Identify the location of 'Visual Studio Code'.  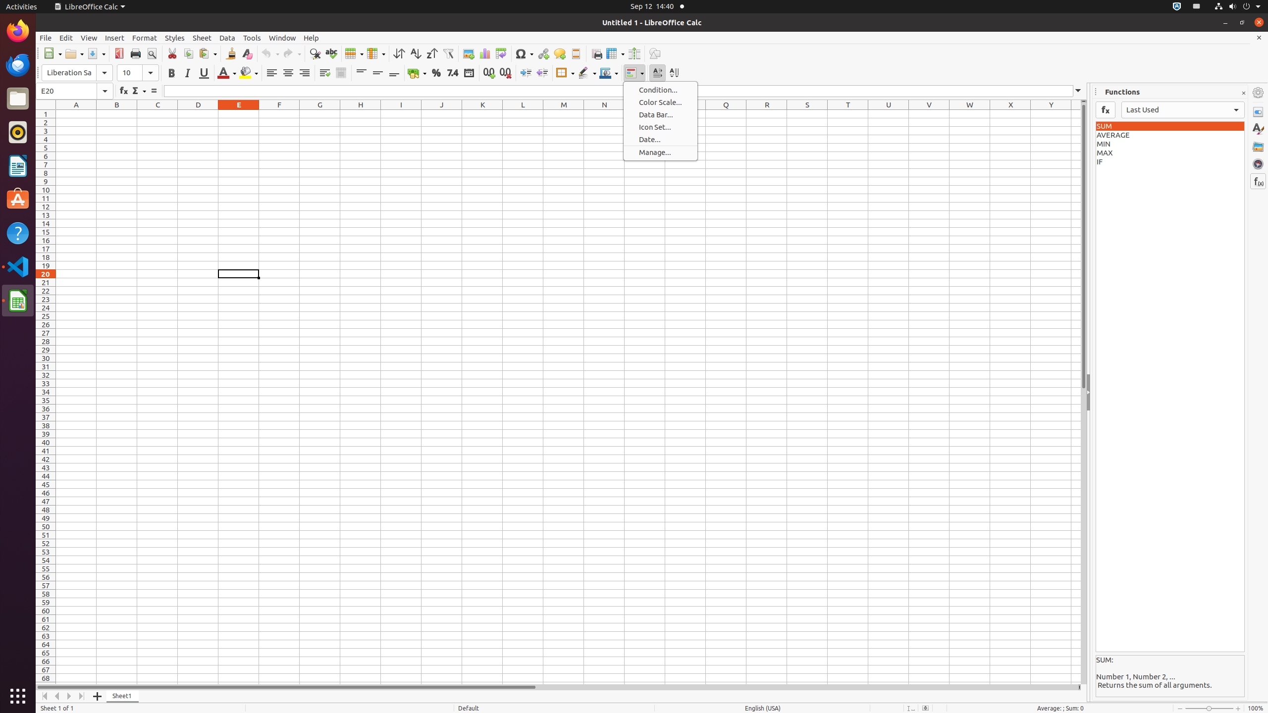
(18, 266).